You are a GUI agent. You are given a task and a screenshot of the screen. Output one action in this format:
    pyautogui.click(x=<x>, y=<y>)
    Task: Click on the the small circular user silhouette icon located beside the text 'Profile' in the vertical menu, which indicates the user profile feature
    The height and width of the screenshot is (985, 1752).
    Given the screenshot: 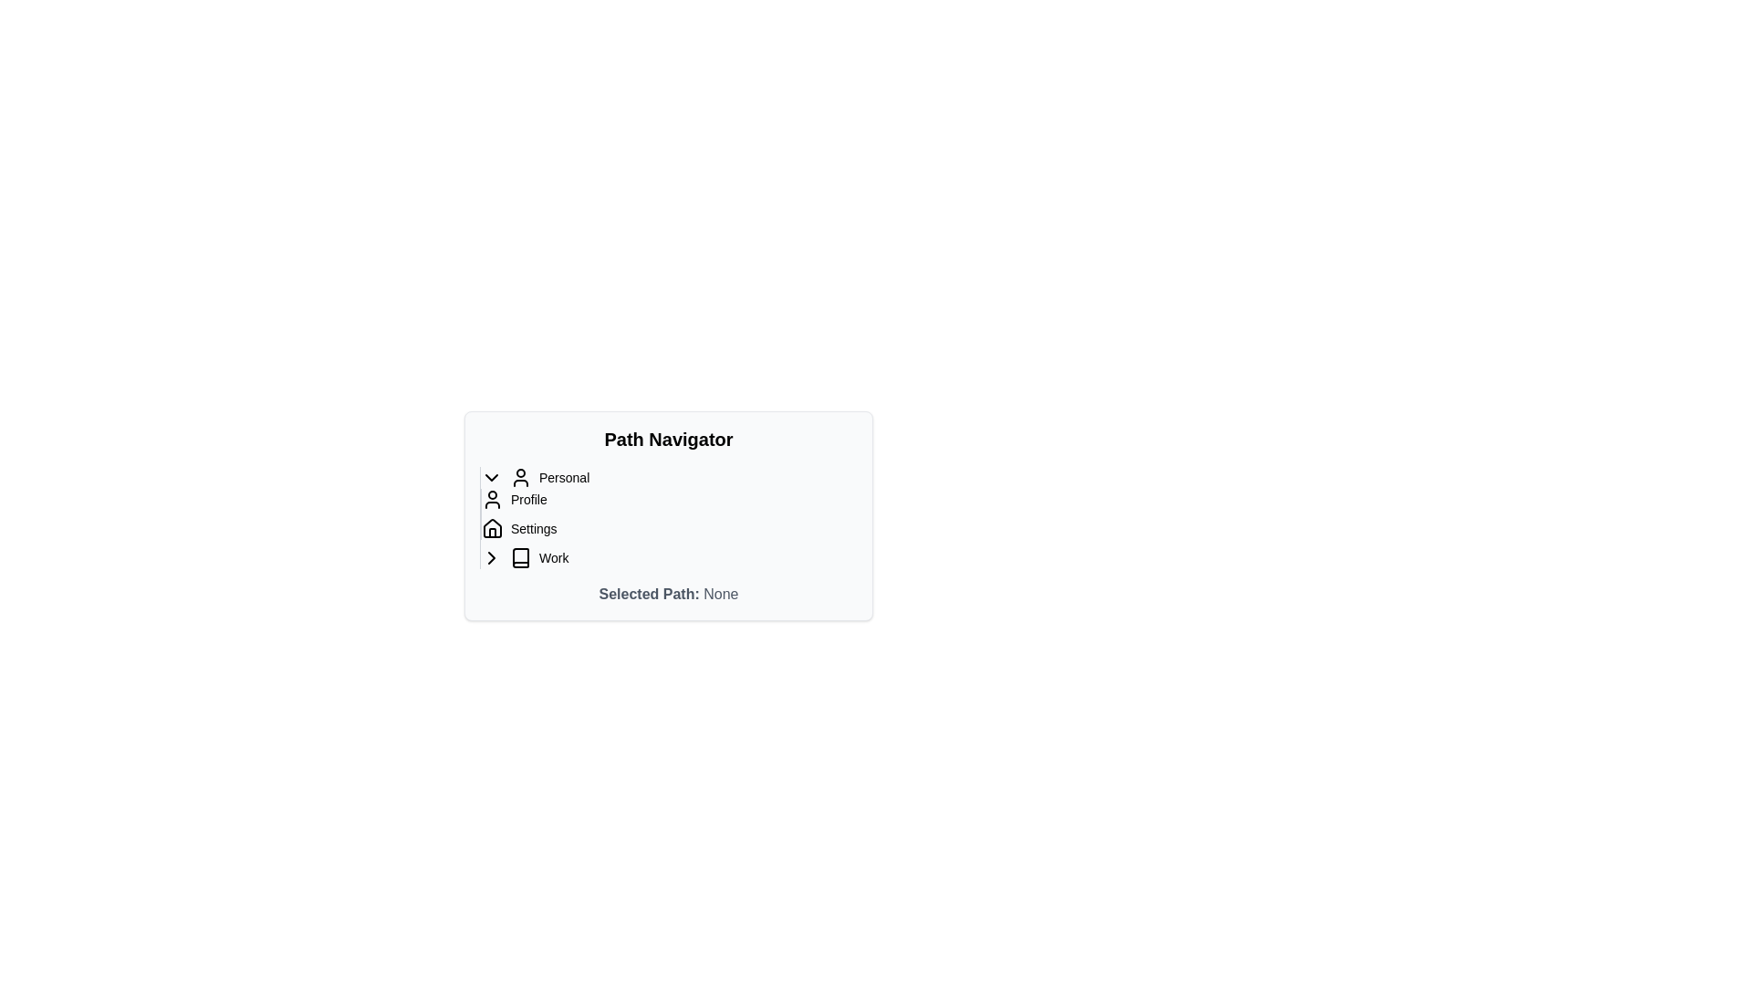 What is the action you would take?
    pyautogui.click(x=492, y=499)
    